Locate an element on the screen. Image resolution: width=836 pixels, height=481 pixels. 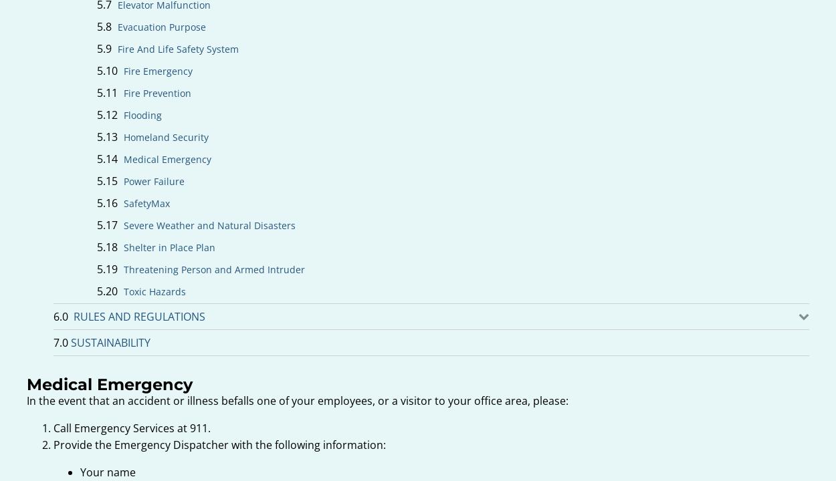
'Shelter in Place Plan' is located at coordinates (169, 247).